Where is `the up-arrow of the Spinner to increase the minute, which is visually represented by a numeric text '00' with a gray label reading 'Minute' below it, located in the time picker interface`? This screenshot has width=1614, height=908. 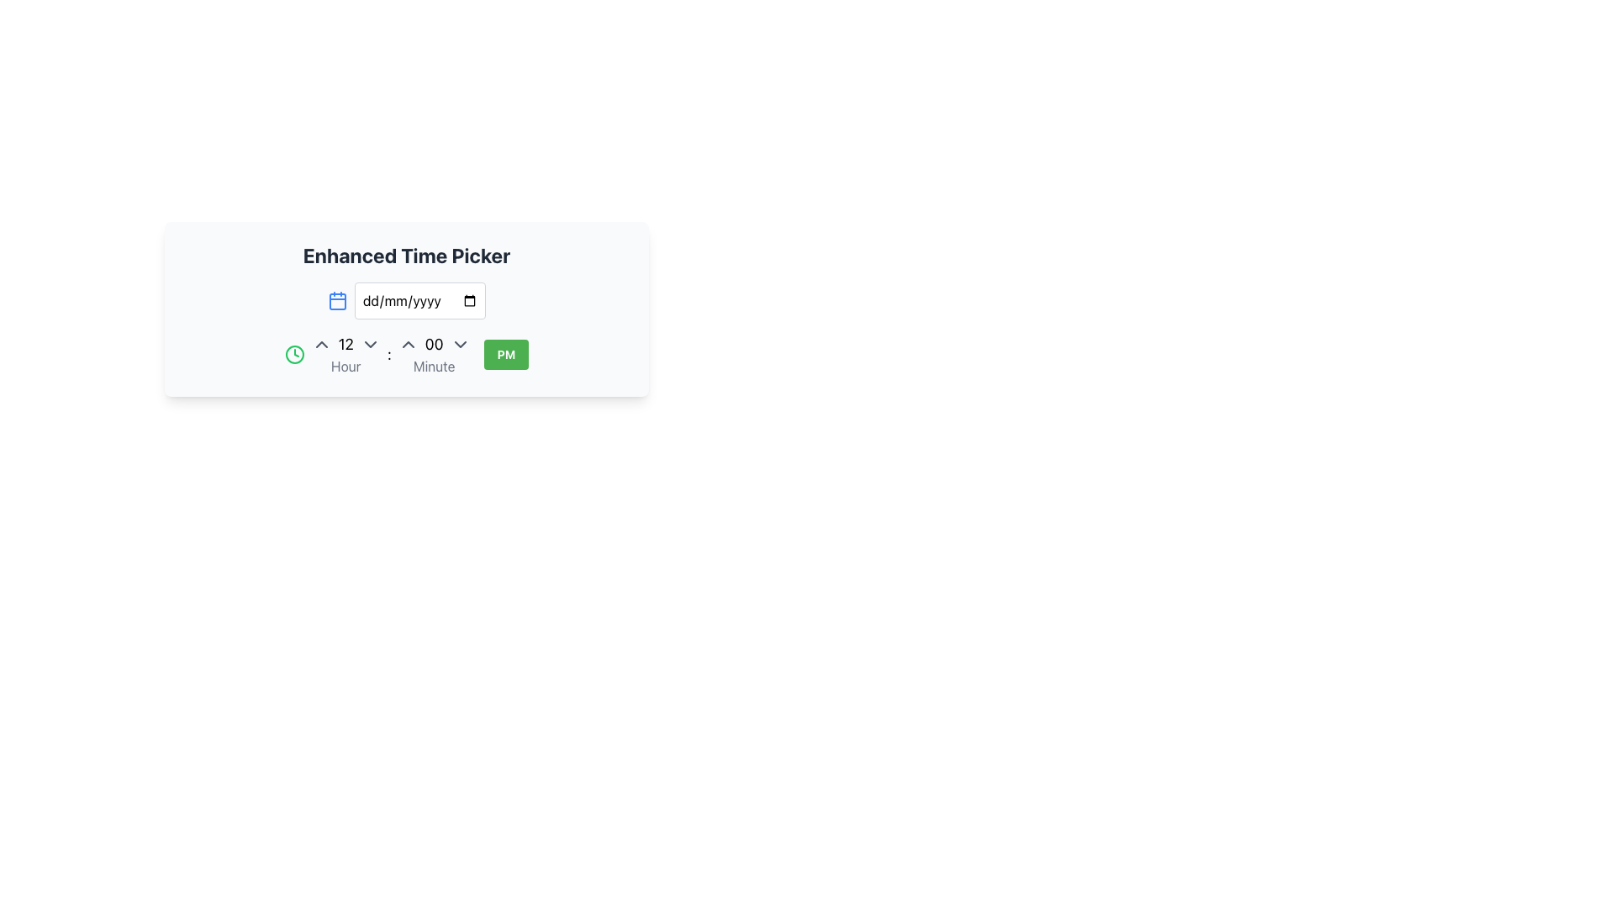 the up-arrow of the Spinner to increase the minute, which is visually represented by a numeric text '00' with a gray label reading 'Minute' below it, located in the time picker interface is located at coordinates (434, 353).